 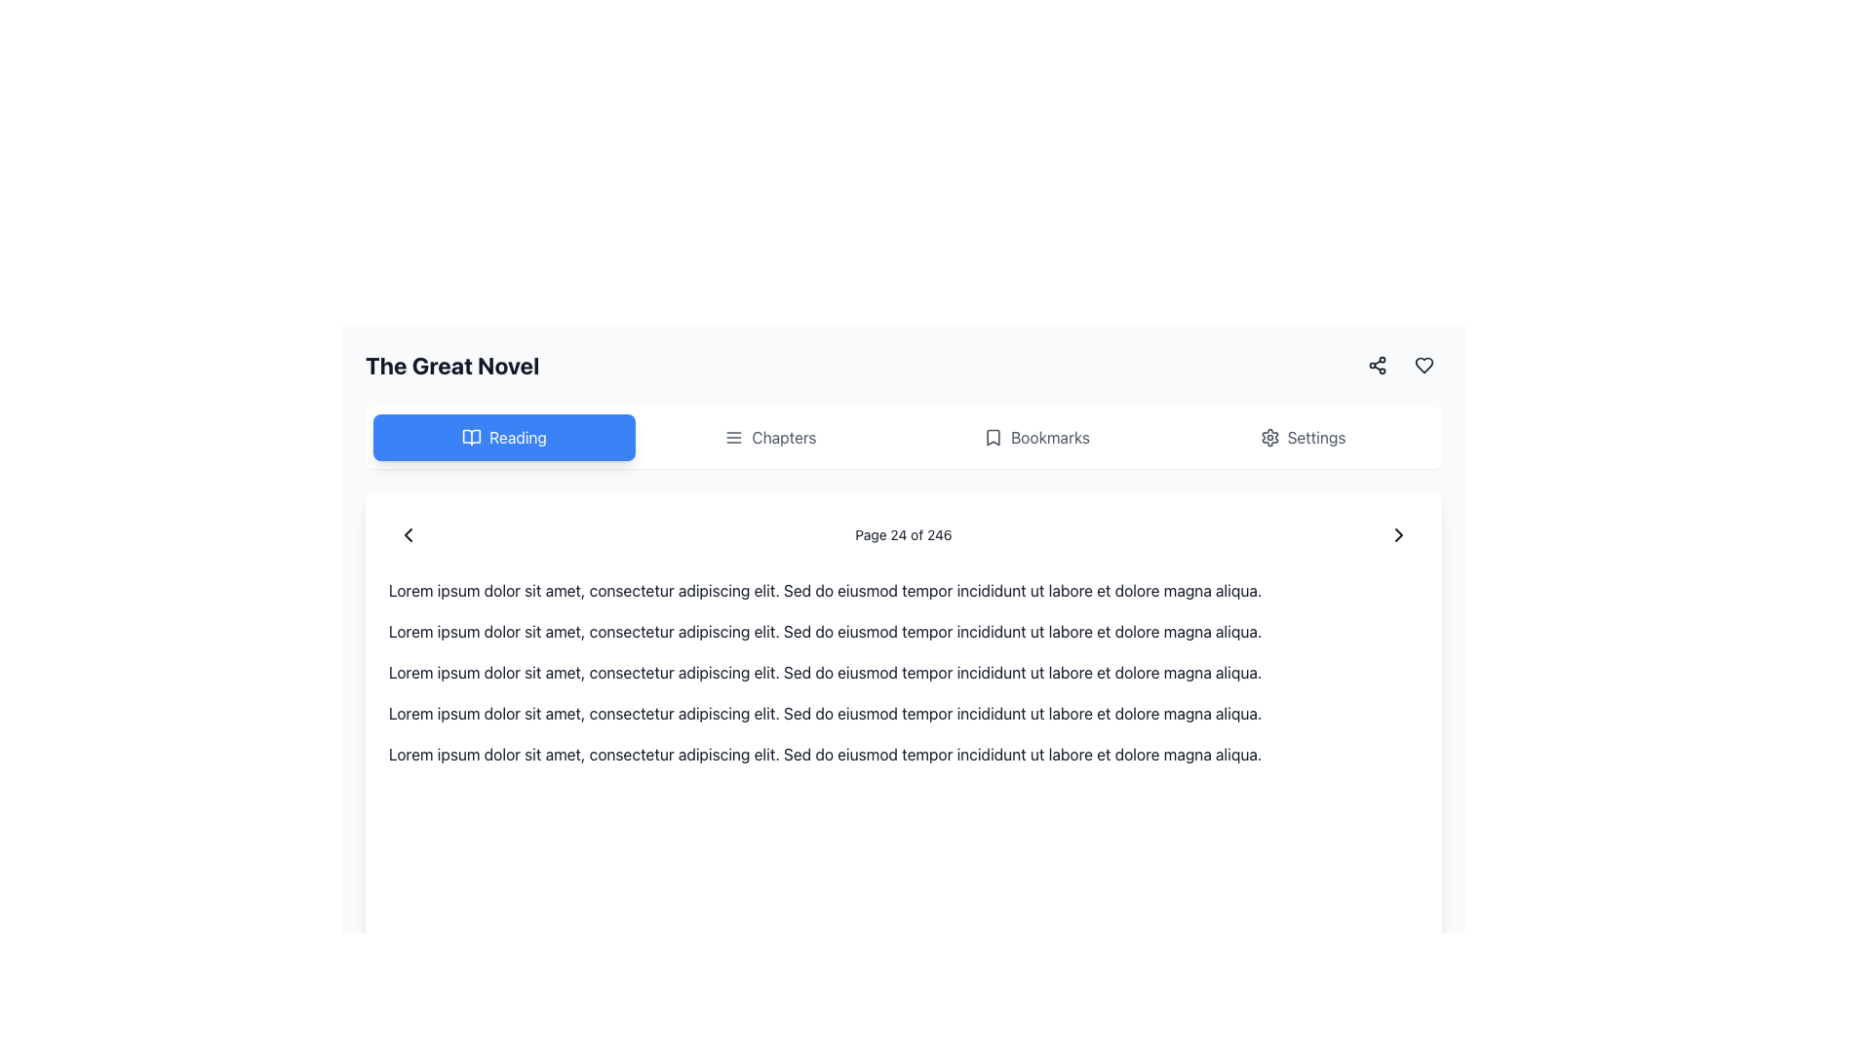 What do you see at coordinates (902, 632) in the screenshot?
I see `the second line of static text that reads 'Lorem ipsum dolor sit amet, consectetur adipiscing elit. Sed do eiusmod tempor incididunt ut labore et dolore magna aliqua.' located in the middle section of the interface` at bounding box center [902, 632].